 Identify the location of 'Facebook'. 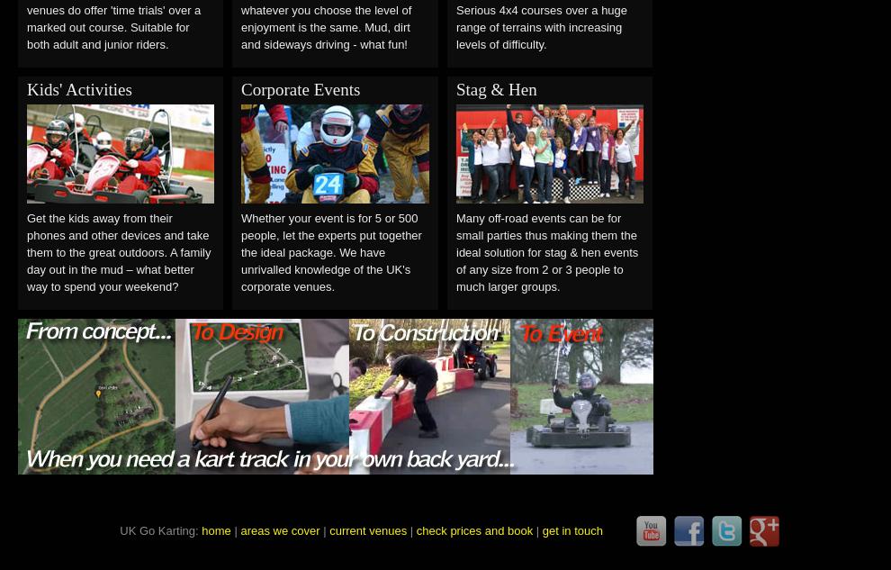
(704, 530).